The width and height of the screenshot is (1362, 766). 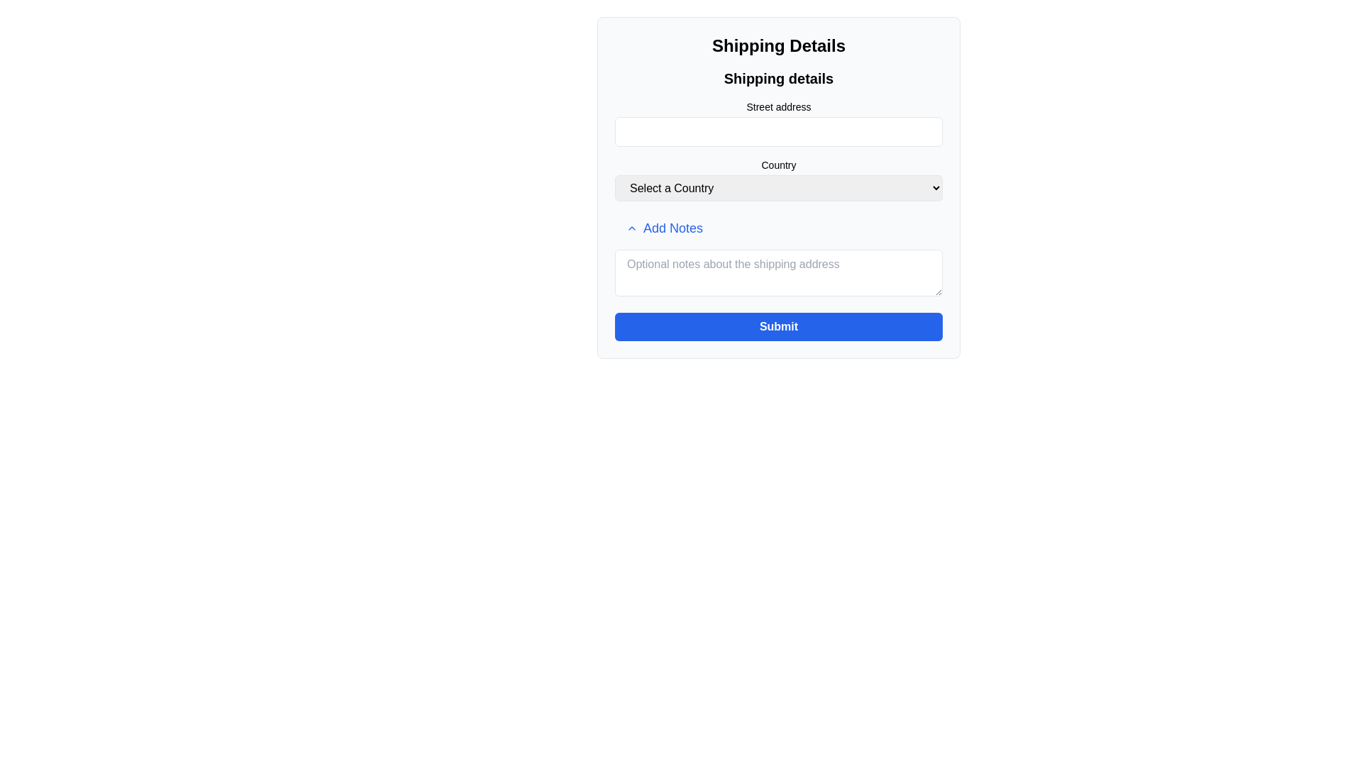 I want to click on an option from the dropdown menu labeled 'Select a Country', which is located just below the 'Country' label in the form layout, so click(x=778, y=187).